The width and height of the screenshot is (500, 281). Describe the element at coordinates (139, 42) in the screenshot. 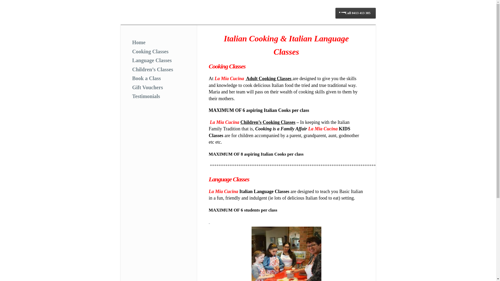

I see `'Home'` at that location.